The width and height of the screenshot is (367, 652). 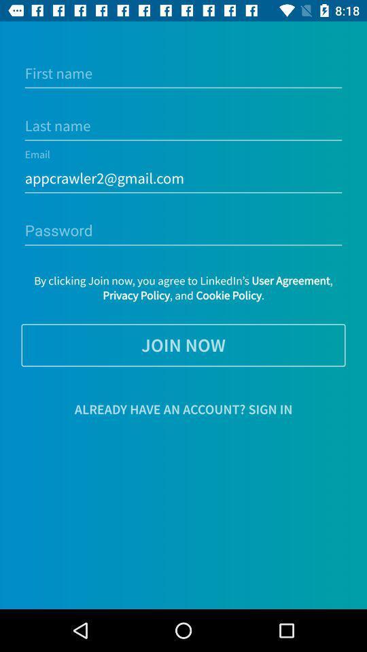 I want to click on name bar, so click(x=183, y=73).